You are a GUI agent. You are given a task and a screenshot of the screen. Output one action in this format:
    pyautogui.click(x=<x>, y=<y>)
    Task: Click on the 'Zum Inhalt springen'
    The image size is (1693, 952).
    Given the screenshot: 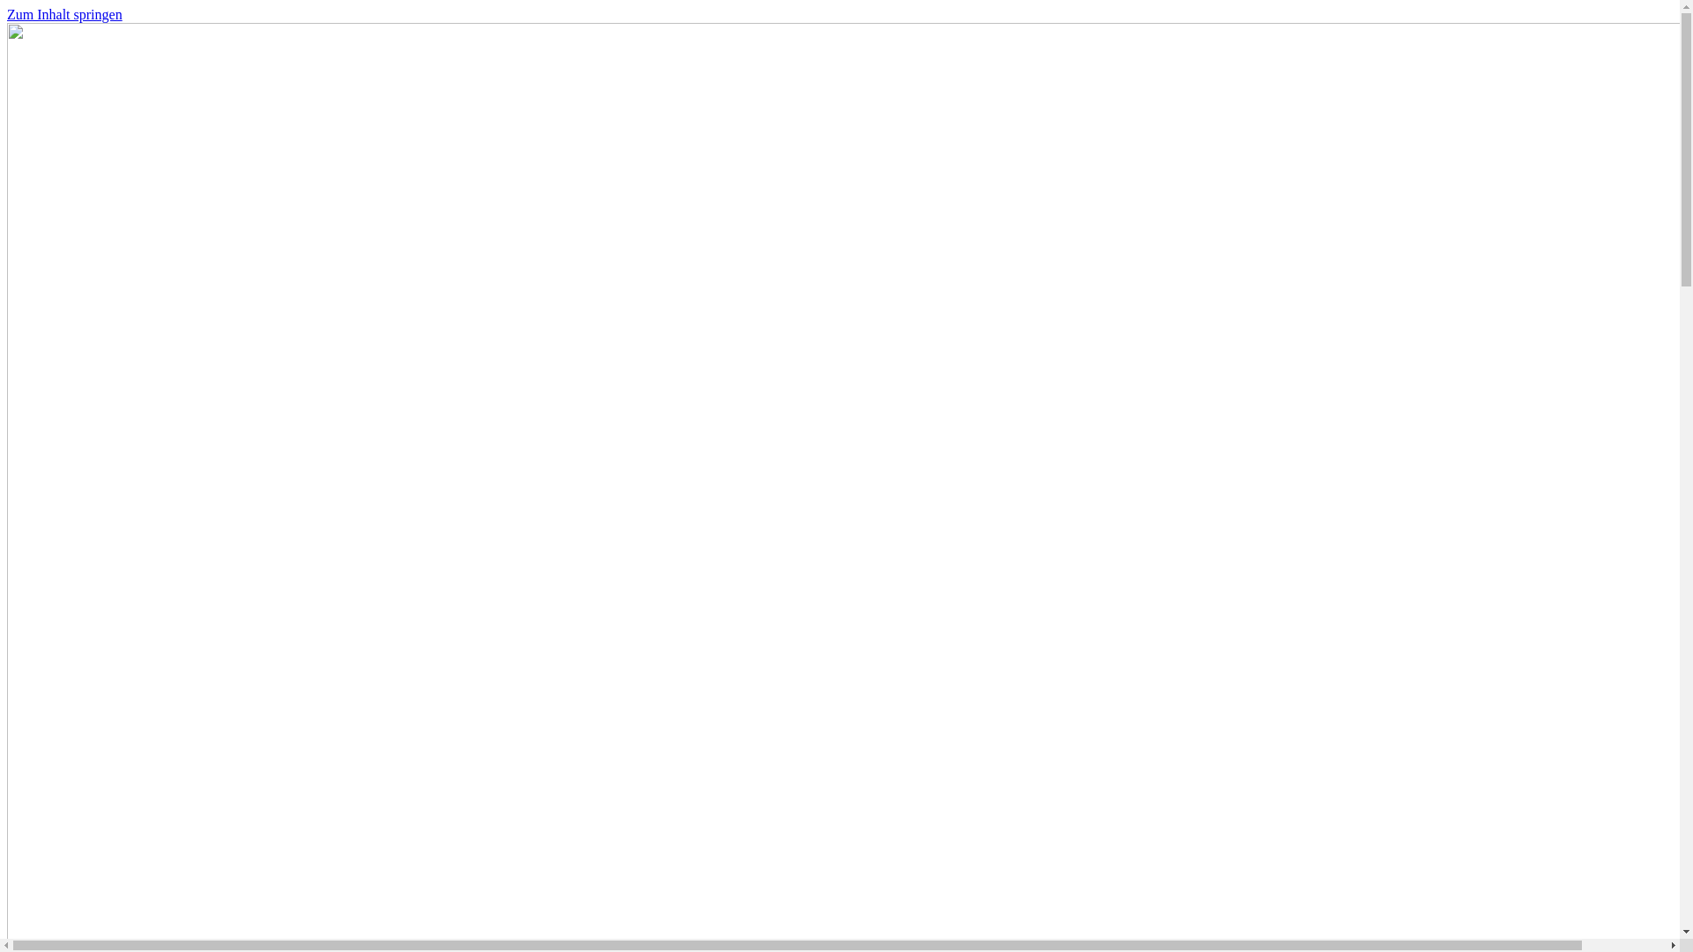 What is the action you would take?
    pyautogui.click(x=64, y=14)
    